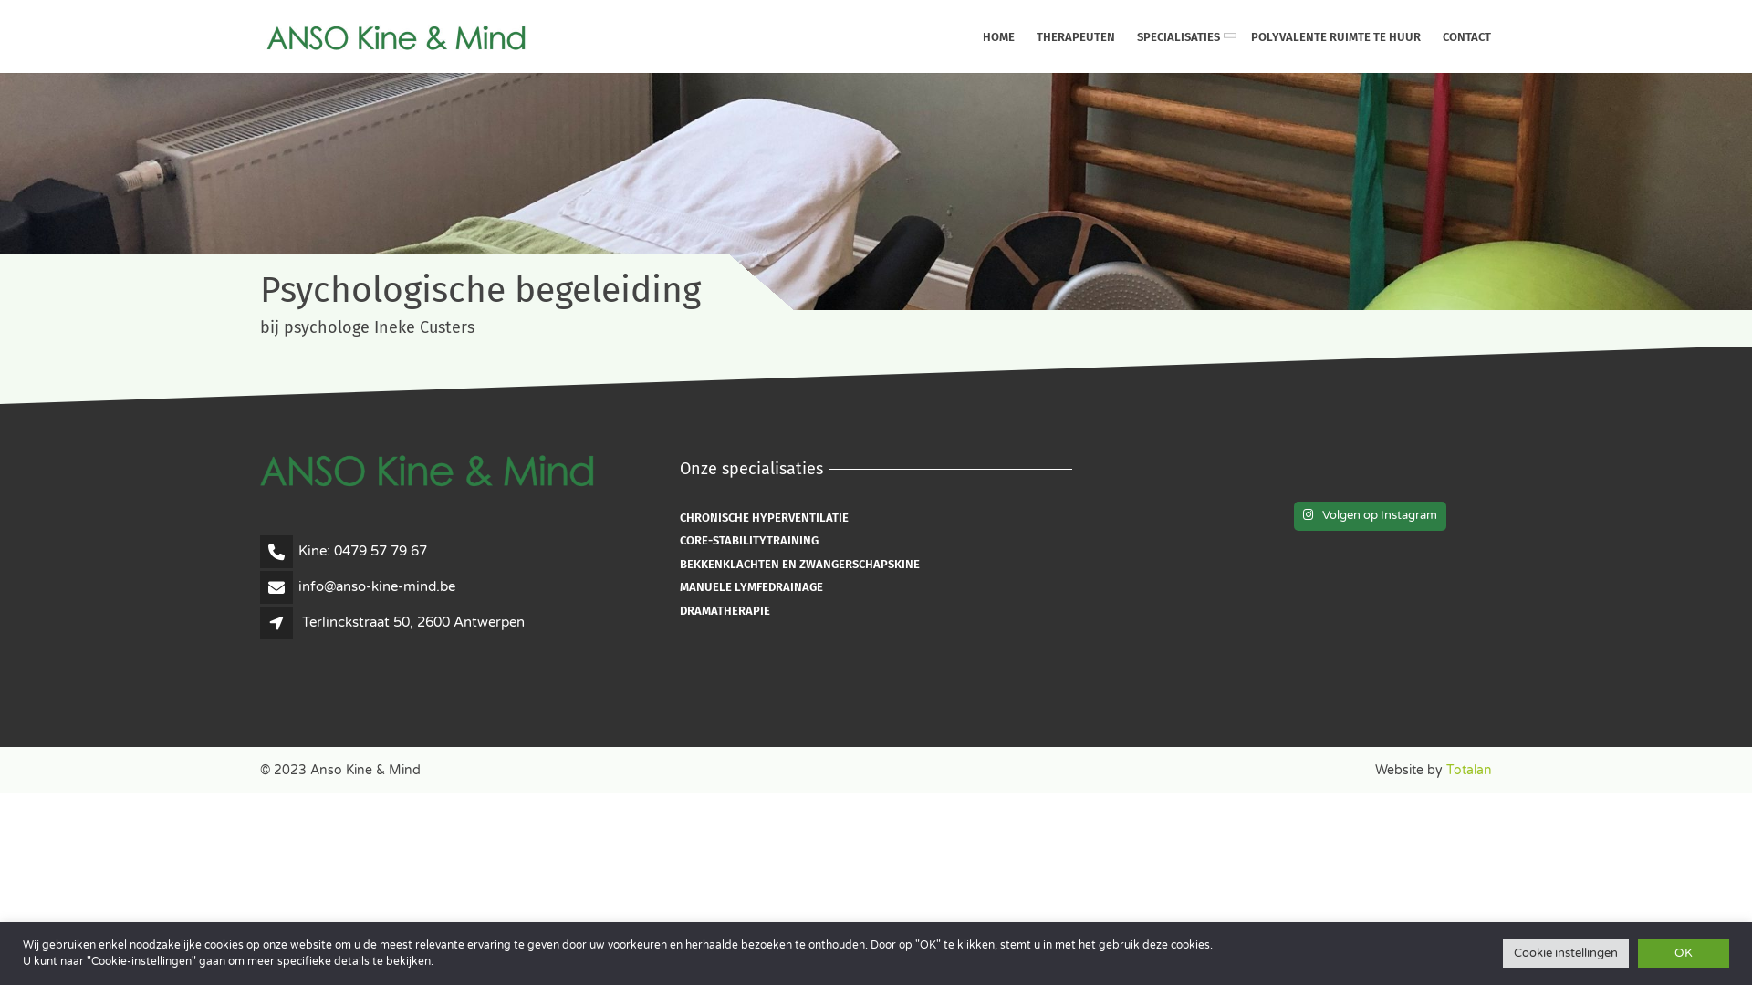 The height and width of the screenshot is (985, 1752). Describe the element at coordinates (1076, 36) in the screenshot. I see `'THERAPEUTEN'` at that location.